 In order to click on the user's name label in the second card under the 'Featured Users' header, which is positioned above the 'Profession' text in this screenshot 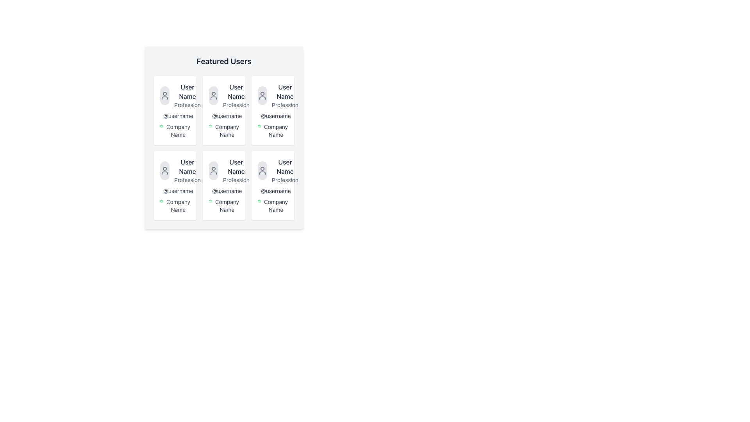, I will do `click(236, 91)`.